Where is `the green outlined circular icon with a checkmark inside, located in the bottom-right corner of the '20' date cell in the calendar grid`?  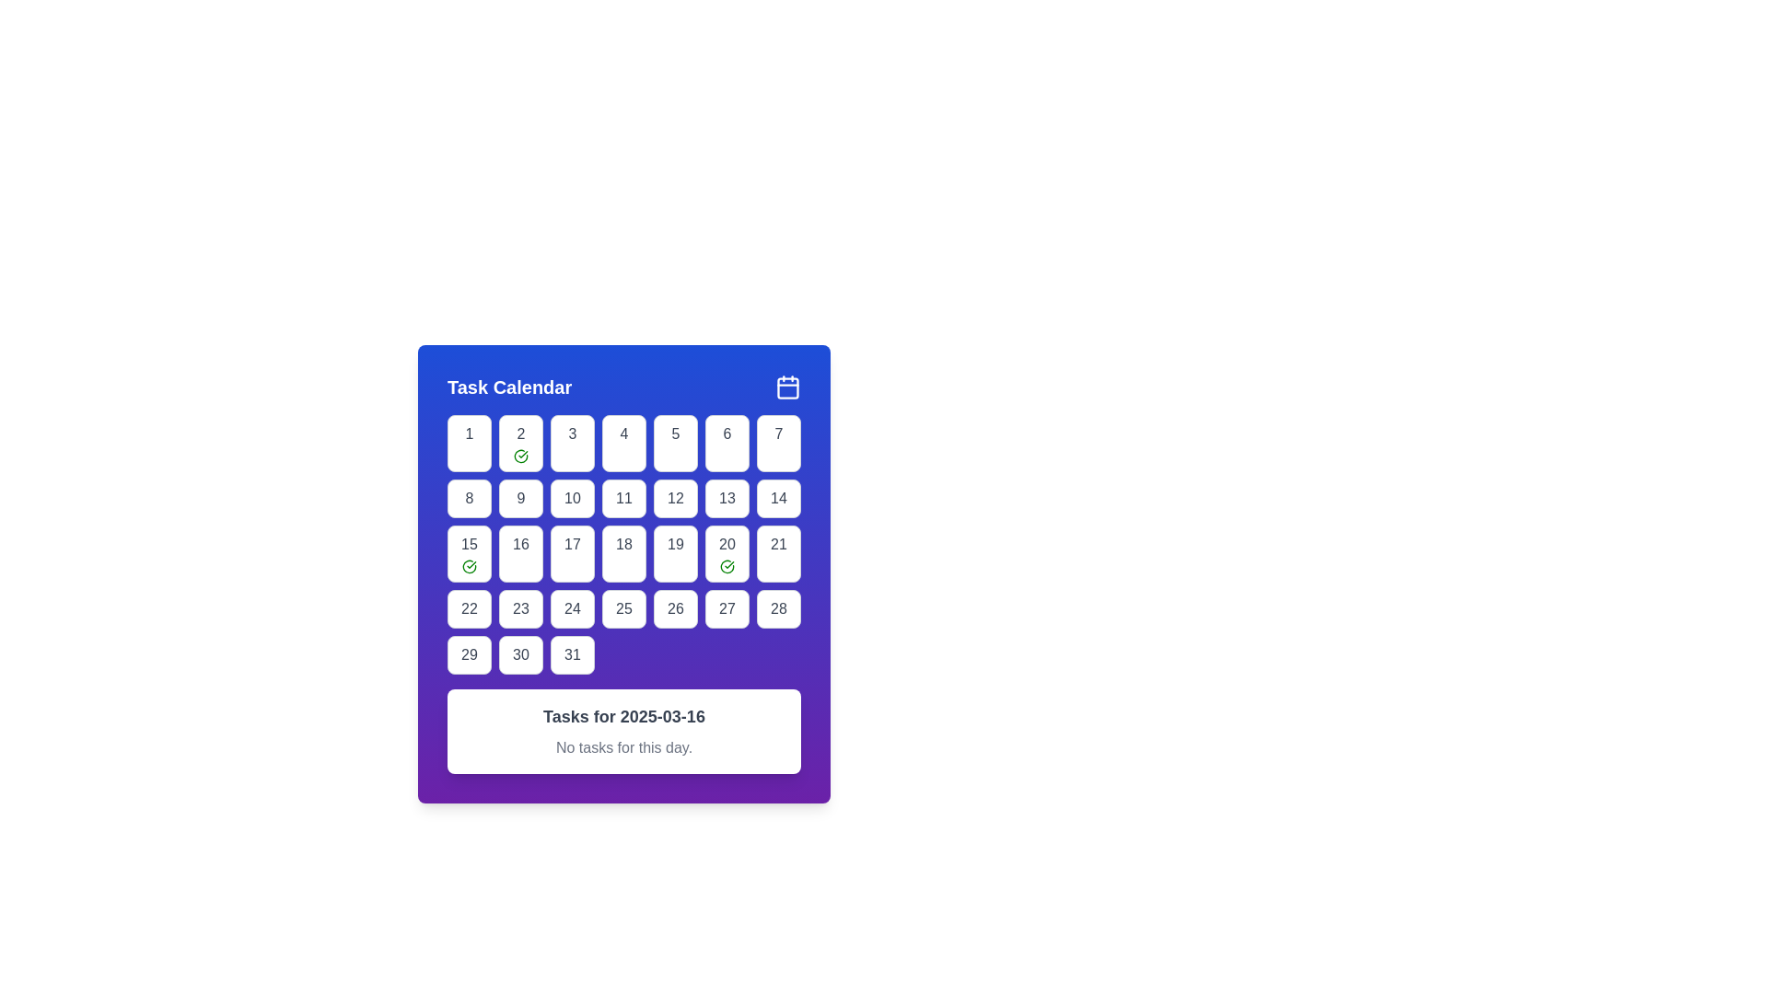 the green outlined circular icon with a checkmark inside, located in the bottom-right corner of the '20' date cell in the calendar grid is located at coordinates (727, 566).